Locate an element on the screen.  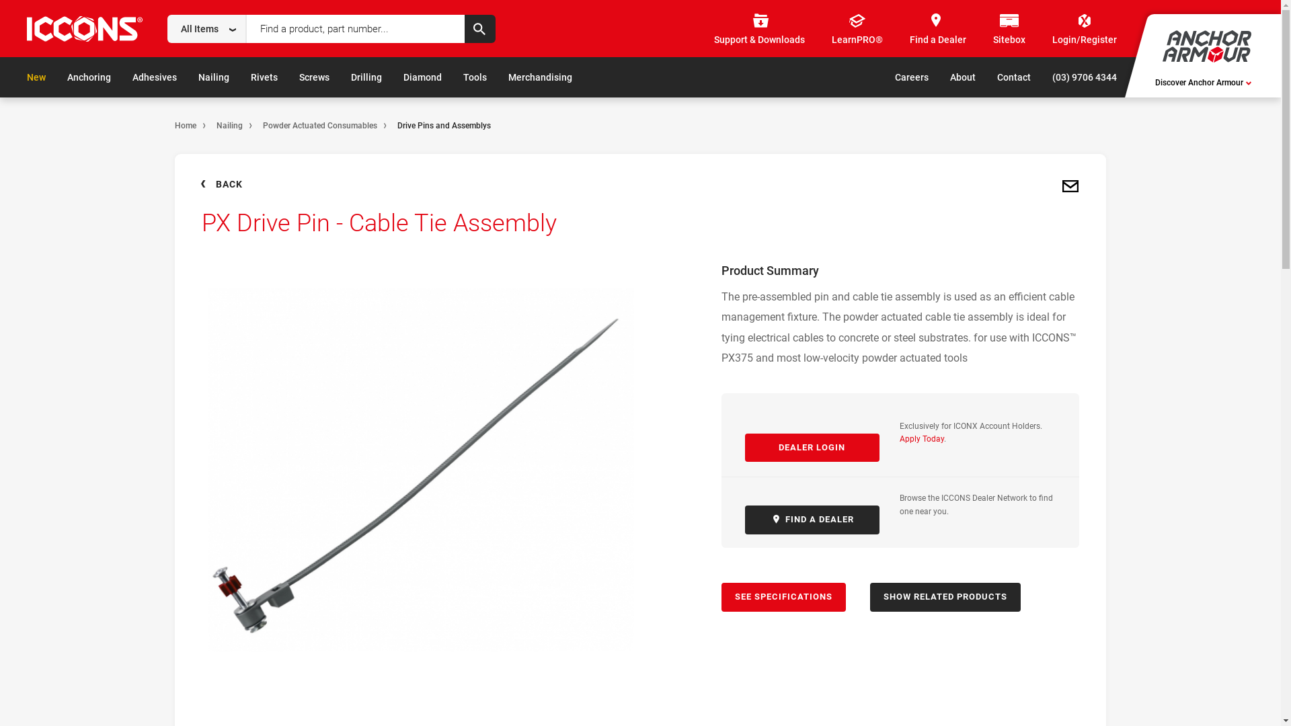
'FIND A DEALER' is located at coordinates (812, 519).